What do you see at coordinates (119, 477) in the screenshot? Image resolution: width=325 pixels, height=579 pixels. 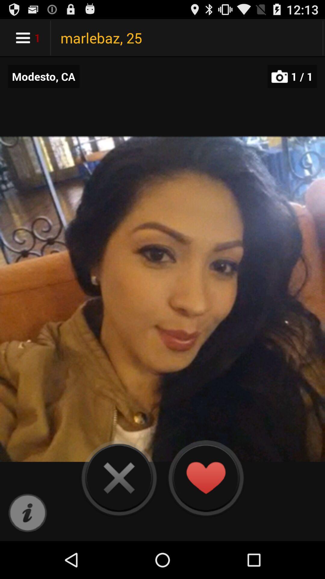 I see `delete picture` at bounding box center [119, 477].